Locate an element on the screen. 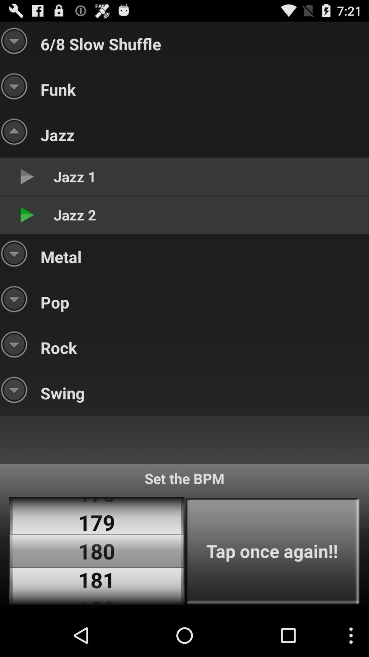 This screenshot has height=657, width=369. the icon at the bottom right corner is located at coordinates (272, 551).